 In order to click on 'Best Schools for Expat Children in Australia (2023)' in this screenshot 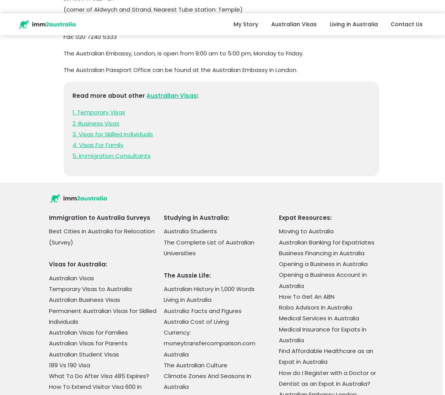, I will do `click(278, 241)`.